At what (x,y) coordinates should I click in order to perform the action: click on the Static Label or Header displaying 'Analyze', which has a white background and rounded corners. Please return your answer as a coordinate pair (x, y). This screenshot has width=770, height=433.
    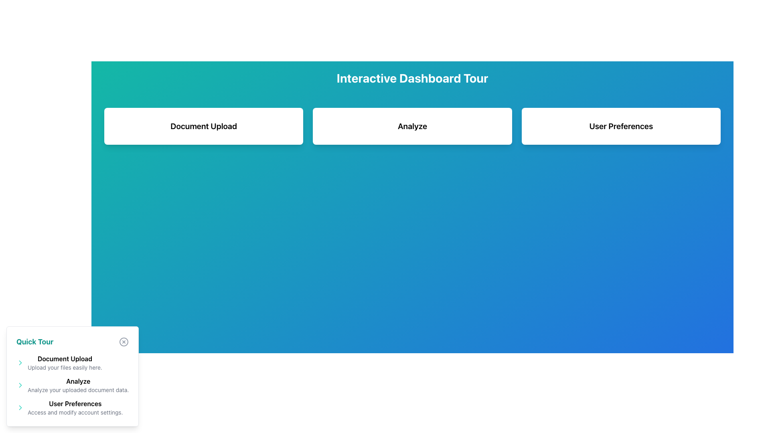
    Looking at the image, I should click on (412, 126).